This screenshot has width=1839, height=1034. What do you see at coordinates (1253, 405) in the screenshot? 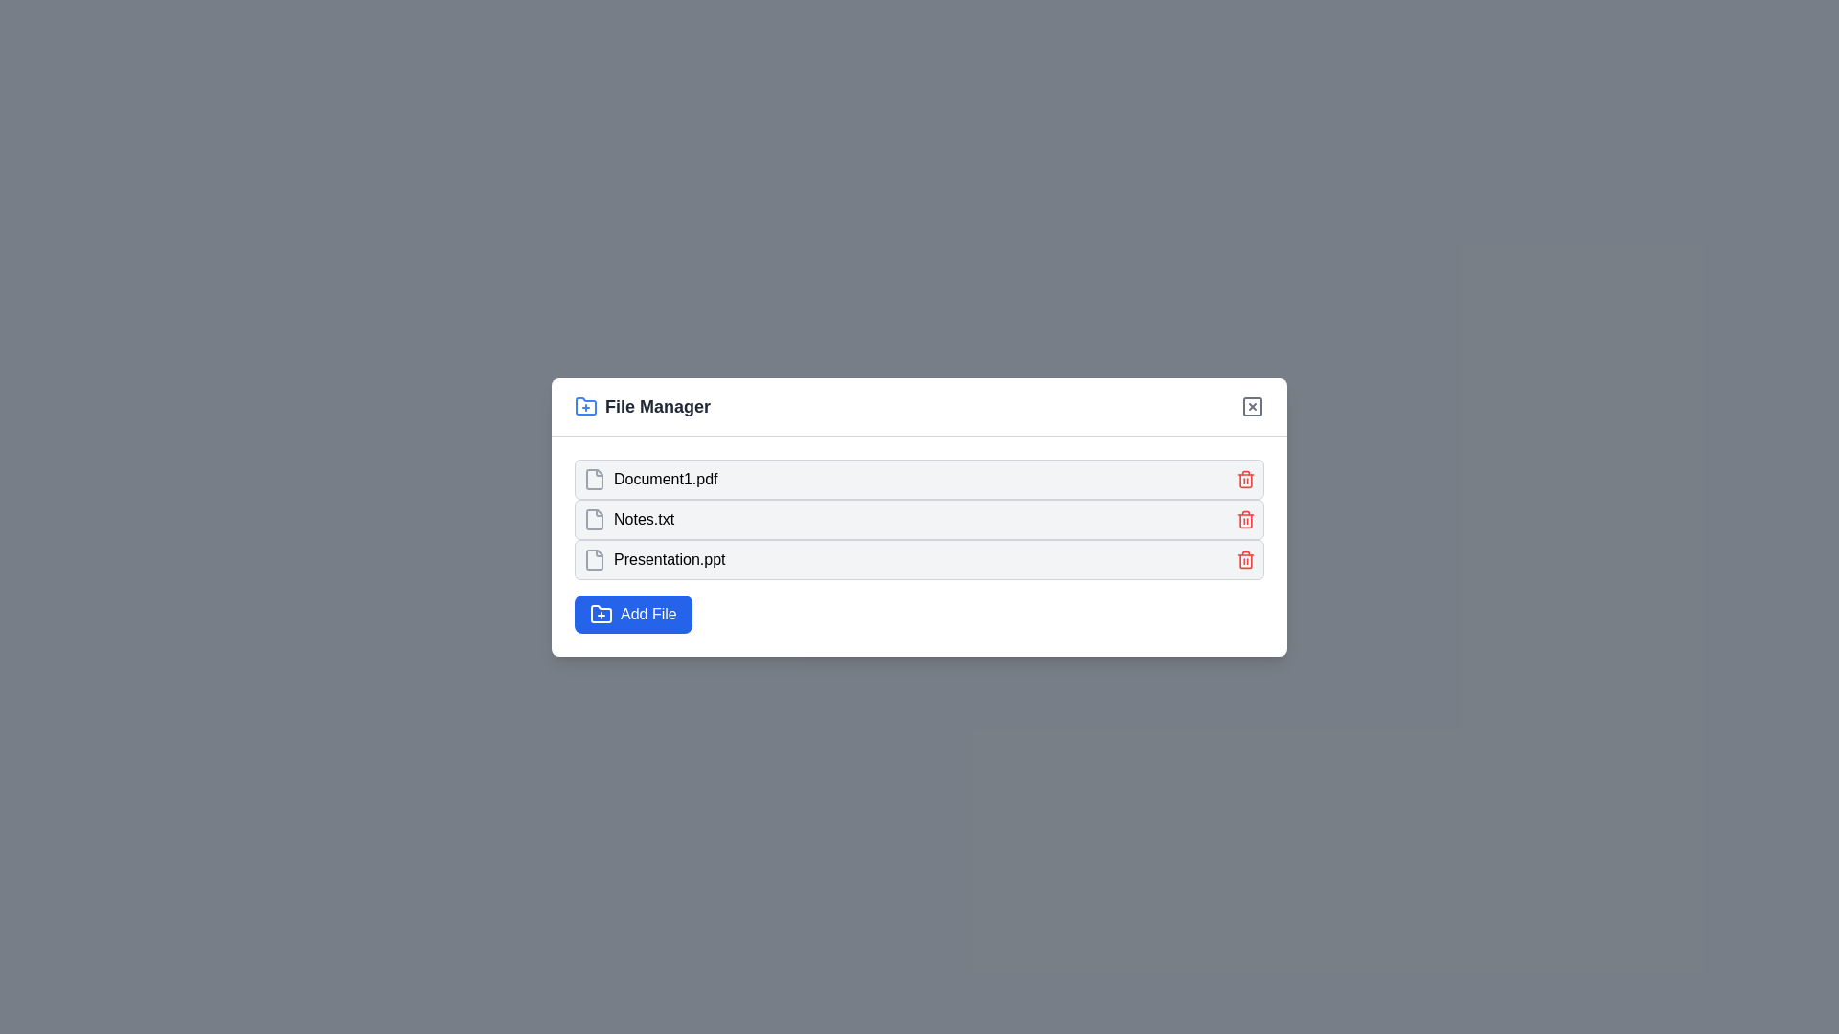
I see `the close icon button with an 'X' inside, located in the header section titled 'File Manager', positioned at the far-right edge` at bounding box center [1253, 405].